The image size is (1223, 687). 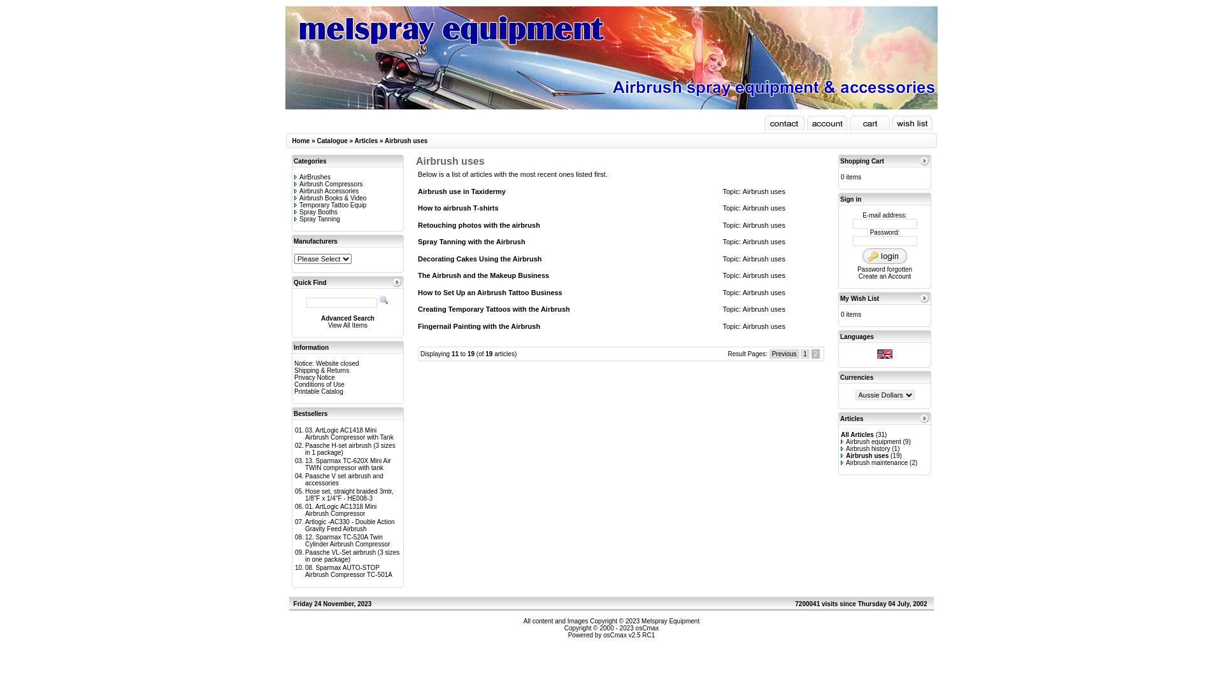 What do you see at coordinates (348, 317) in the screenshot?
I see `'Advanced Search'` at bounding box center [348, 317].